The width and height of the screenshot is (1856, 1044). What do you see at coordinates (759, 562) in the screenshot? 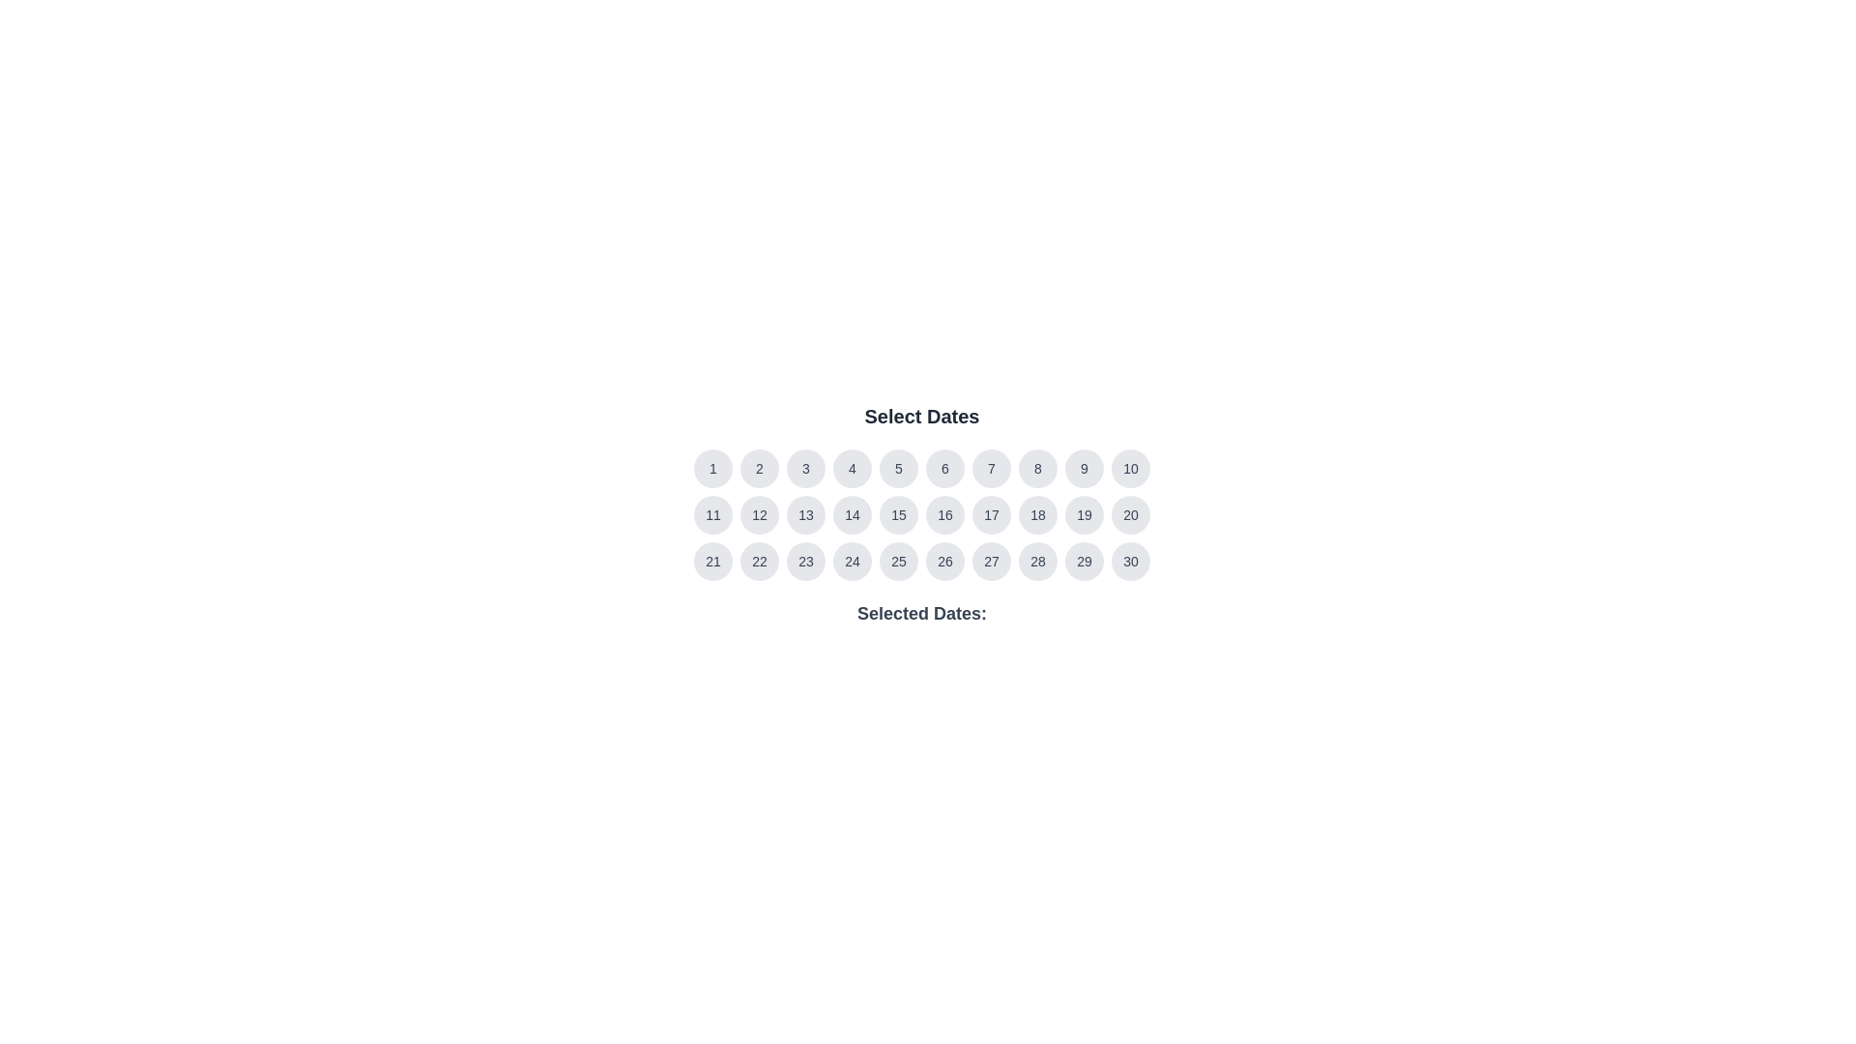
I see `the circular button displaying the number '22' in dark gray text, located in the last row of the grid below the heading 'Select Dates'` at bounding box center [759, 562].